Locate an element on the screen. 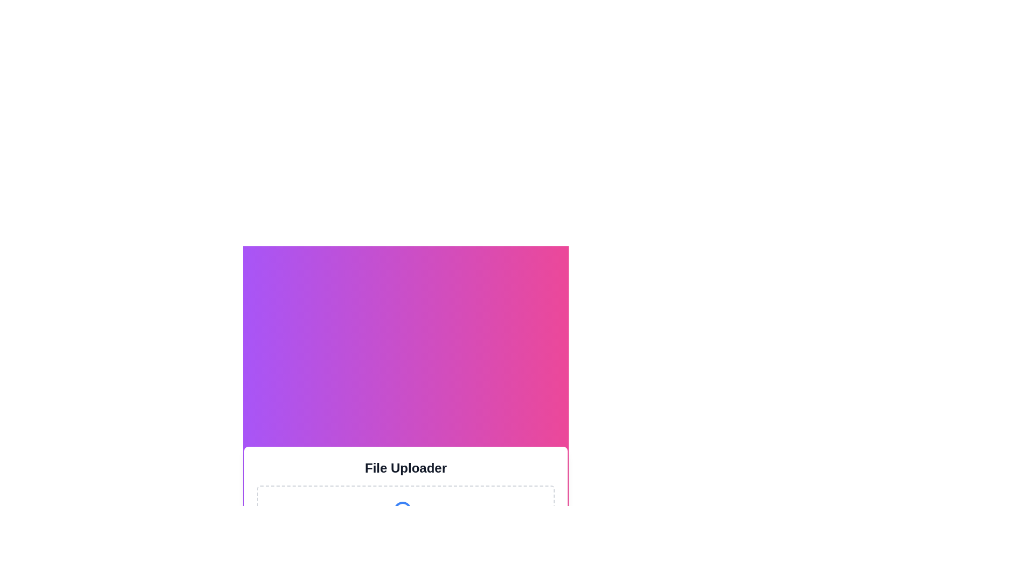  the appearance of the cloud upload icon, which is a blue icon with an upward arrow located in the center of the file uploader interface is located at coordinates (405, 512).